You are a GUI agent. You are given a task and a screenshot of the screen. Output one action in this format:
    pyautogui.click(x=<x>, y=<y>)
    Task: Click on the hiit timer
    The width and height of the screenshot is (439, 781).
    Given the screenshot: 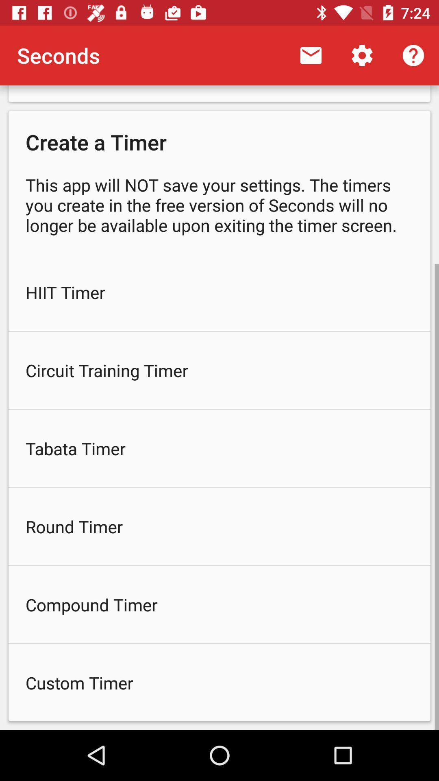 What is the action you would take?
    pyautogui.click(x=219, y=292)
    